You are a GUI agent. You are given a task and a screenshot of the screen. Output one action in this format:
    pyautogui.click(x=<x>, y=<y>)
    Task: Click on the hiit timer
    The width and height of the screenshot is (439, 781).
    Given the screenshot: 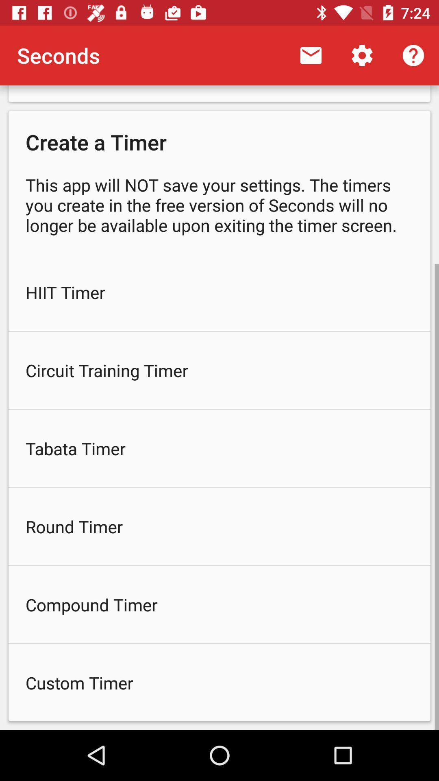 What is the action you would take?
    pyautogui.click(x=219, y=292)
    